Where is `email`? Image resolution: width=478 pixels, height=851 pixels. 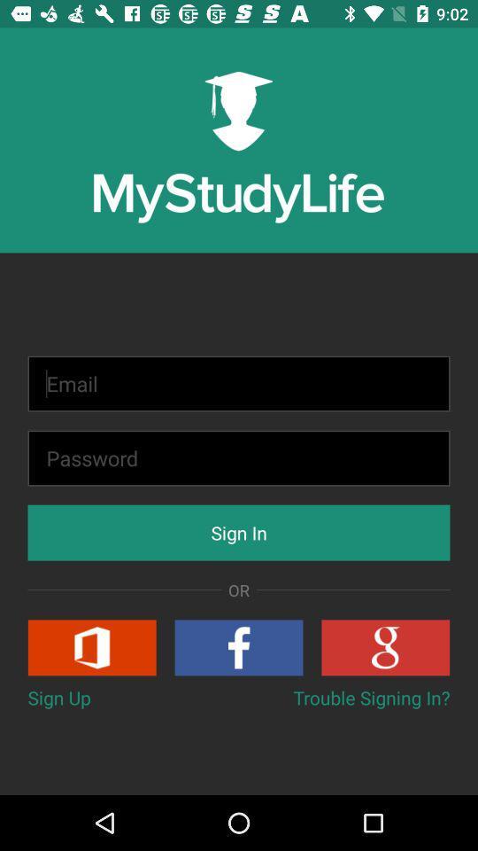 email is located at coordinates (239, 384).